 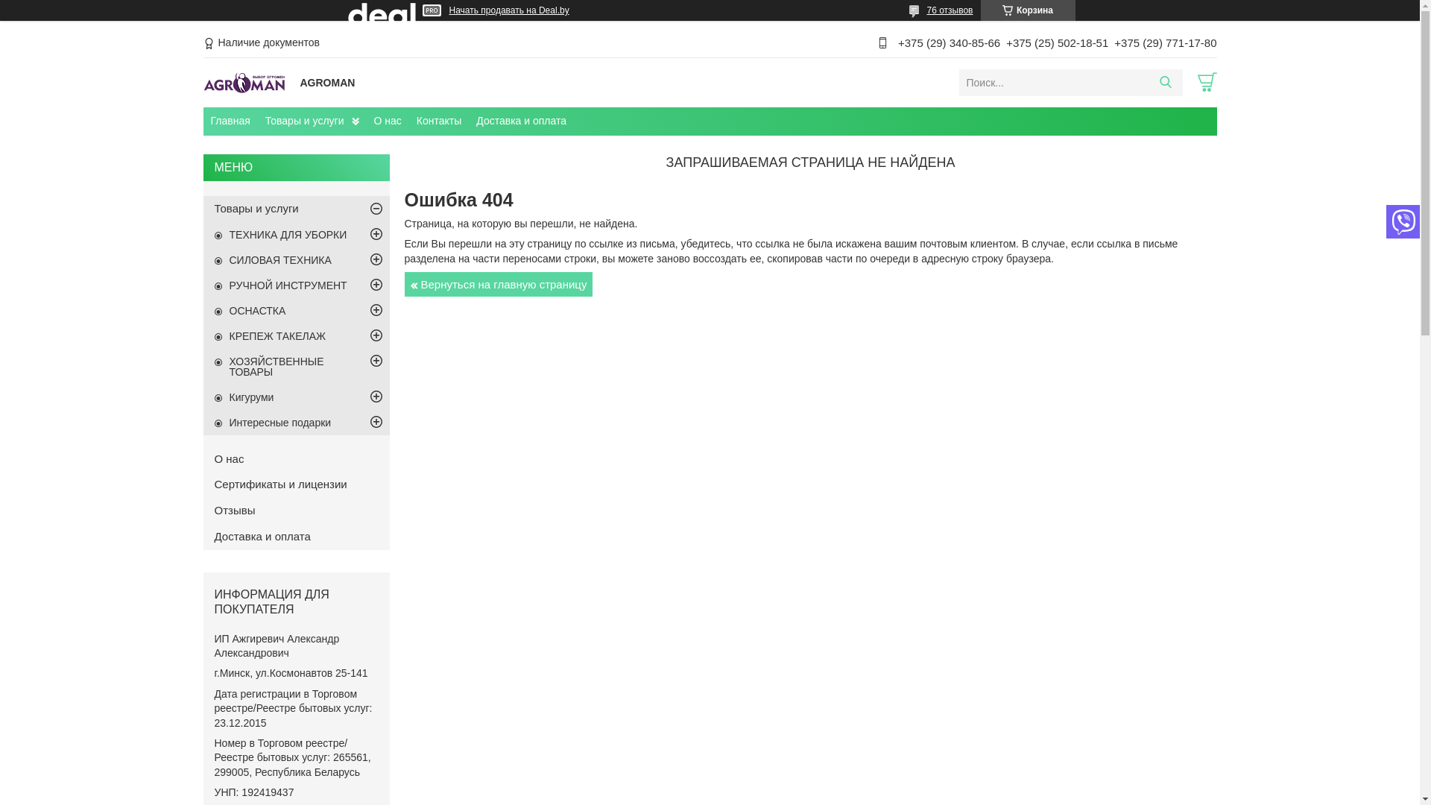 What do you see at coordinates (247, 82) in the screenshot?
I see `'AGROMAN'` at bounding box center [247, 82].